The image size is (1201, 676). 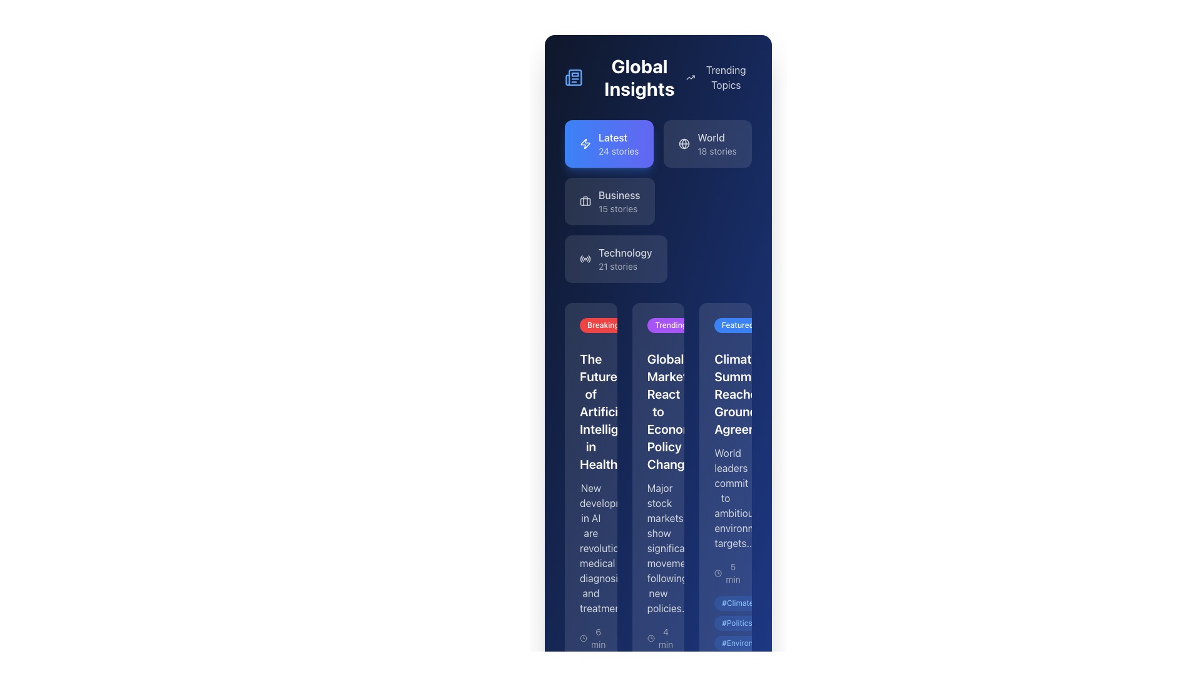 I want to click on the estimated reading time text with icon located beneath the title 'Global Markets React to Economic Policy Changes' in the content card, so click(x=657, y=638).